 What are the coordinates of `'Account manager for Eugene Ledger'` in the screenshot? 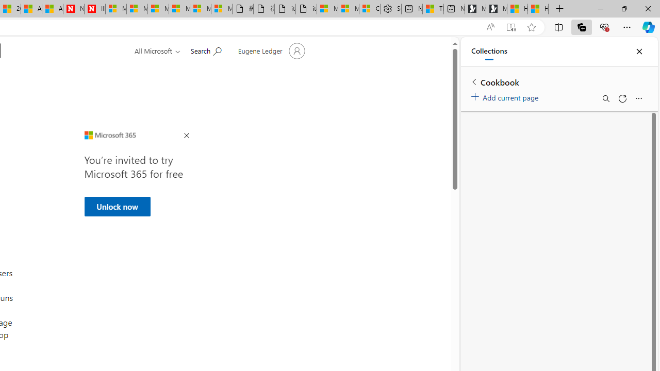 It's located at (270, 51).